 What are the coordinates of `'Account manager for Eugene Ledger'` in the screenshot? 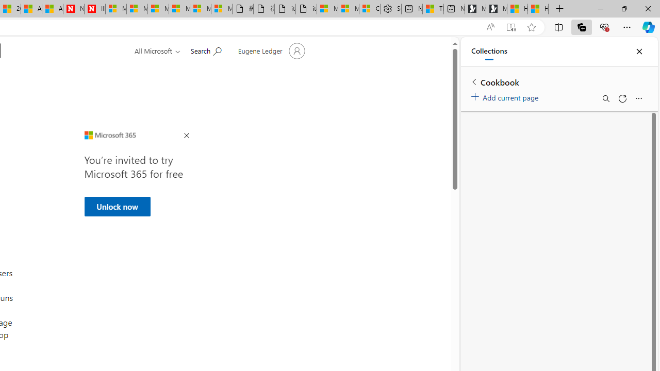 It's located at (270, 51).